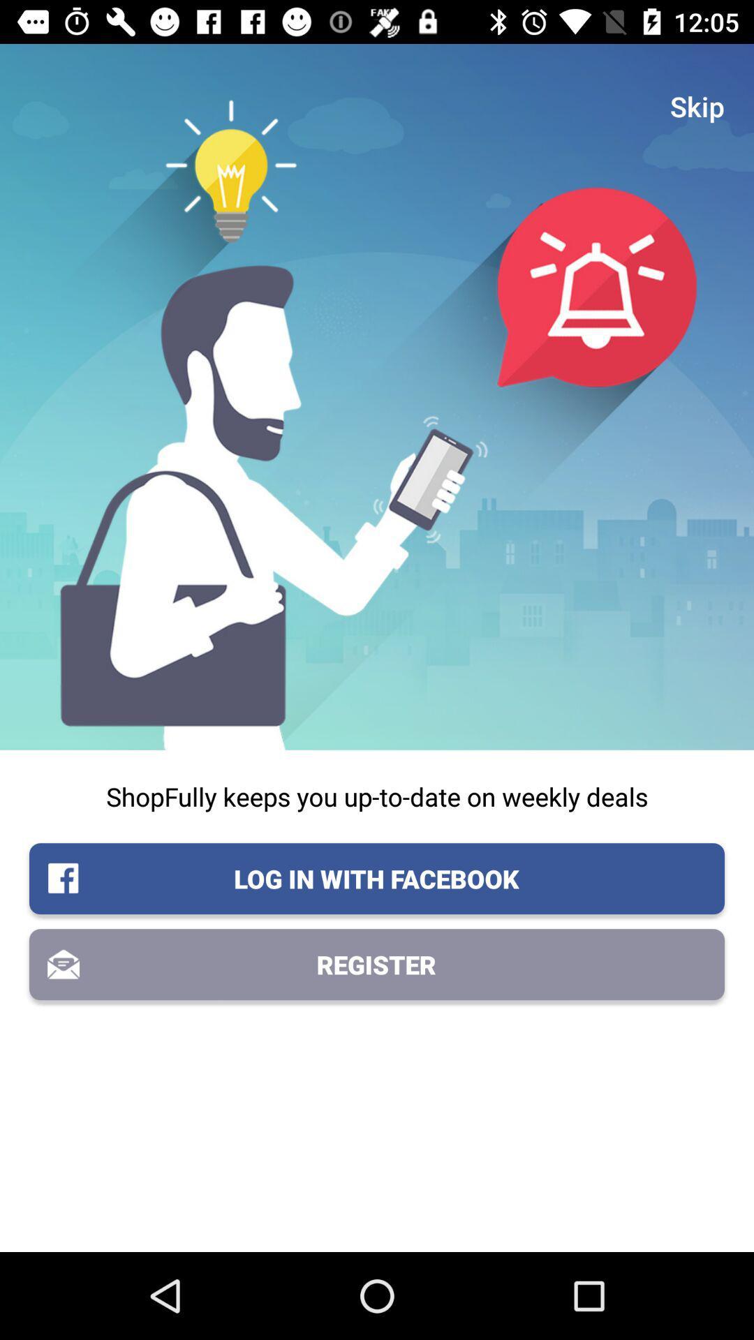 The image size is (754, 1340). Describe the element at coordinates (377, 964) in the screenshot. I see `register item` at that location.